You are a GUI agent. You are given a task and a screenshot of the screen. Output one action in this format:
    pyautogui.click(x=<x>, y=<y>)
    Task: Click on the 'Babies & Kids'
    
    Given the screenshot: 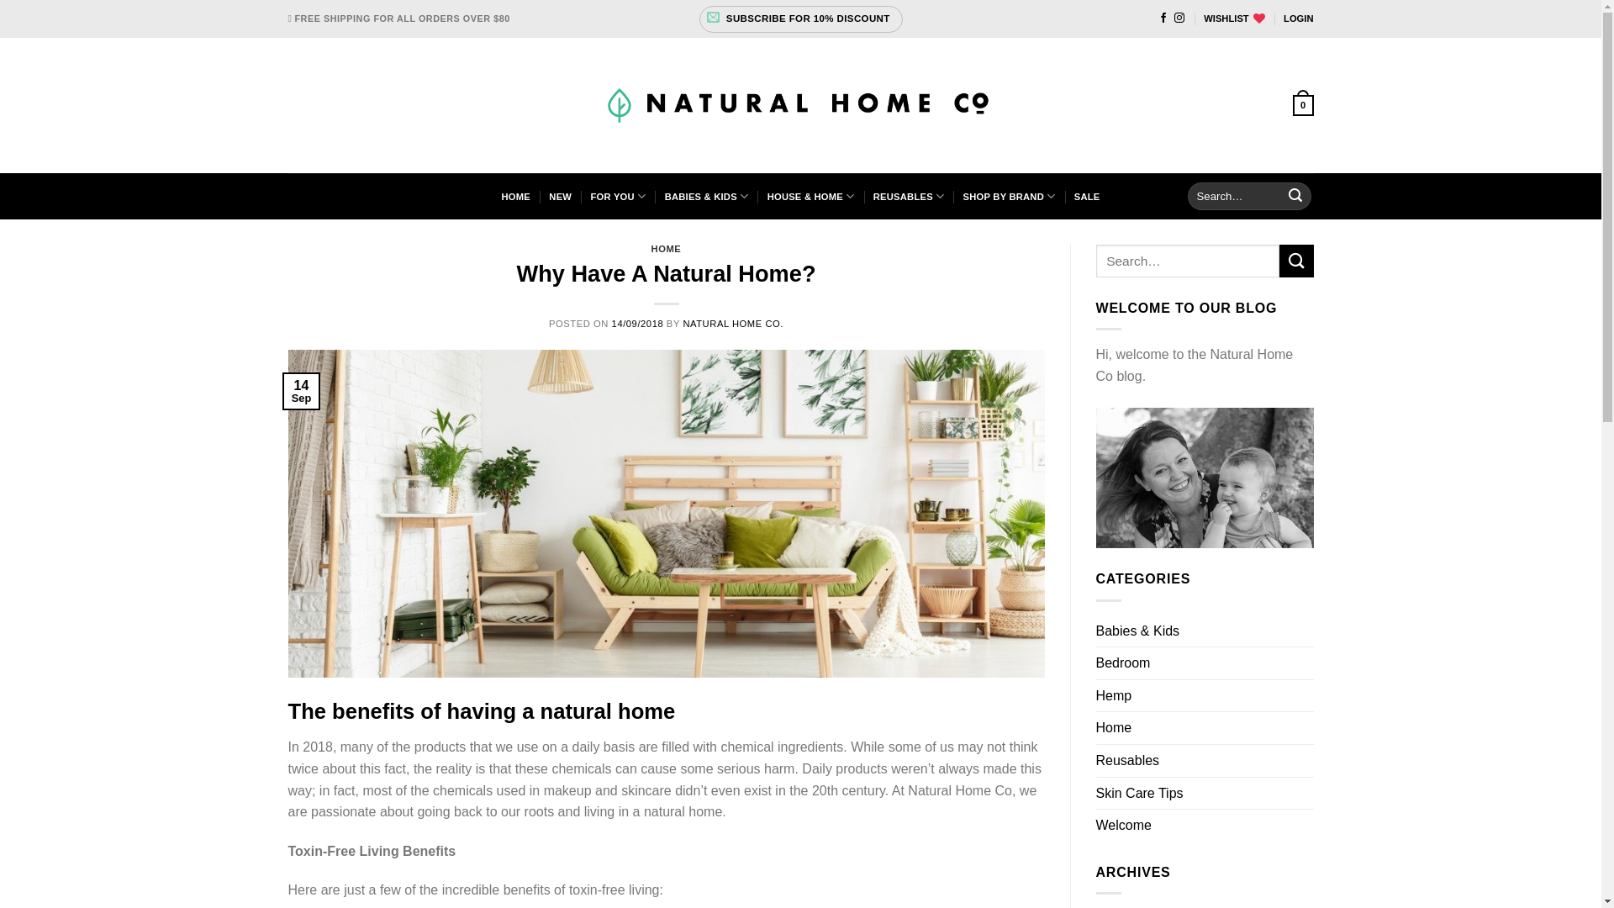 What is the action you would take?
    pyautogui.click(x=1137, y=631)
    